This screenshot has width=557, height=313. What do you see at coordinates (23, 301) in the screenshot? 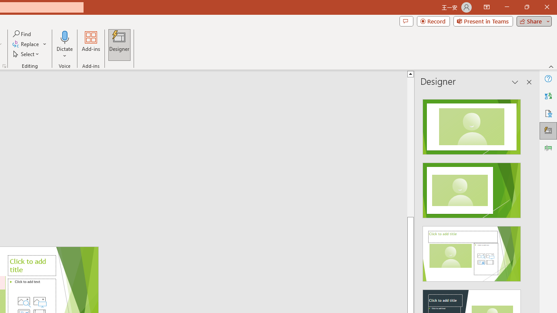
I see `'Stock Images'` at bounding box center [23, 301].